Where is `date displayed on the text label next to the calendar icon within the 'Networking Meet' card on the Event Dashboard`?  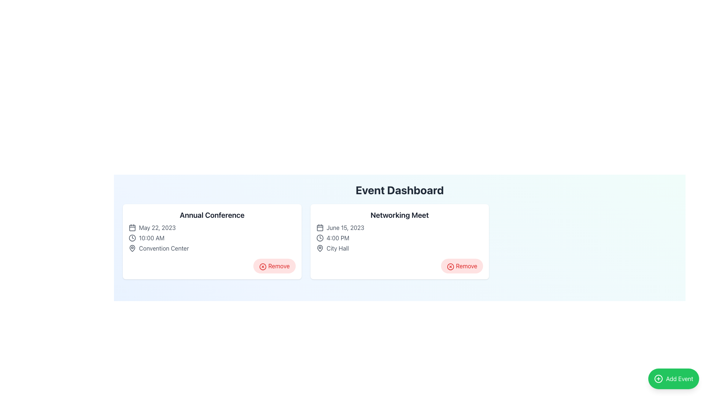
date displayed on the text label next to the calendar icon within the 'Networking Meet' card on the Event Dashboard is located at coordinates (345, 227).